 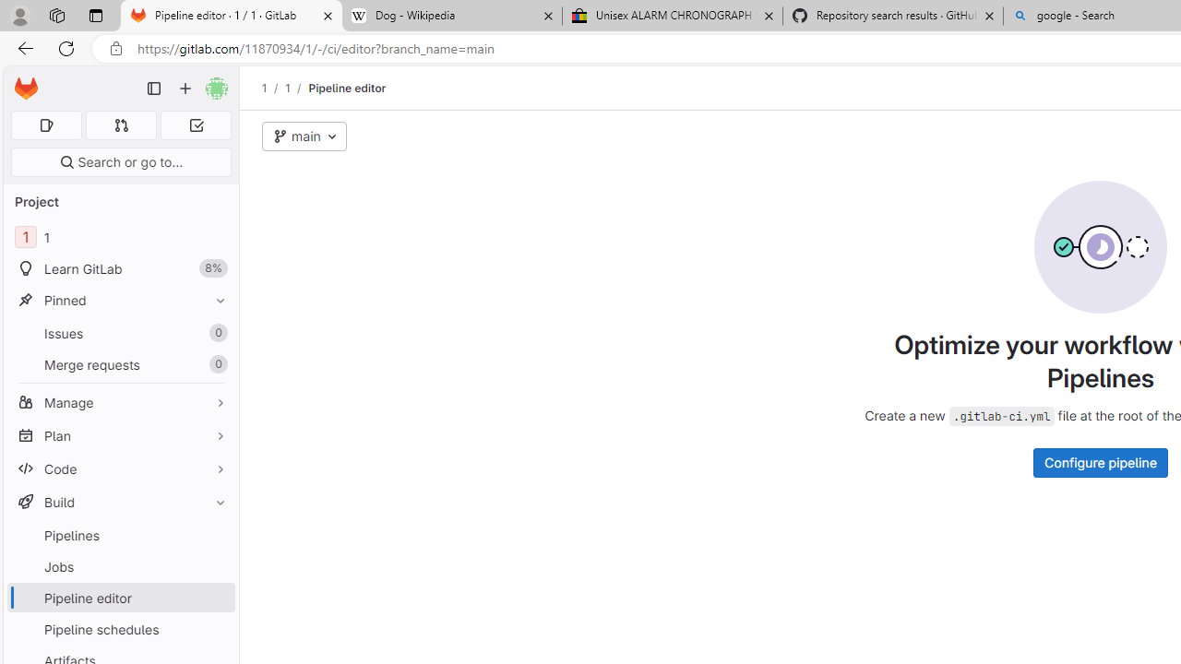 What do you see at coordinates (296, 88) in the screenshot?
I see `'1/'` at bounding box center [296, 88].